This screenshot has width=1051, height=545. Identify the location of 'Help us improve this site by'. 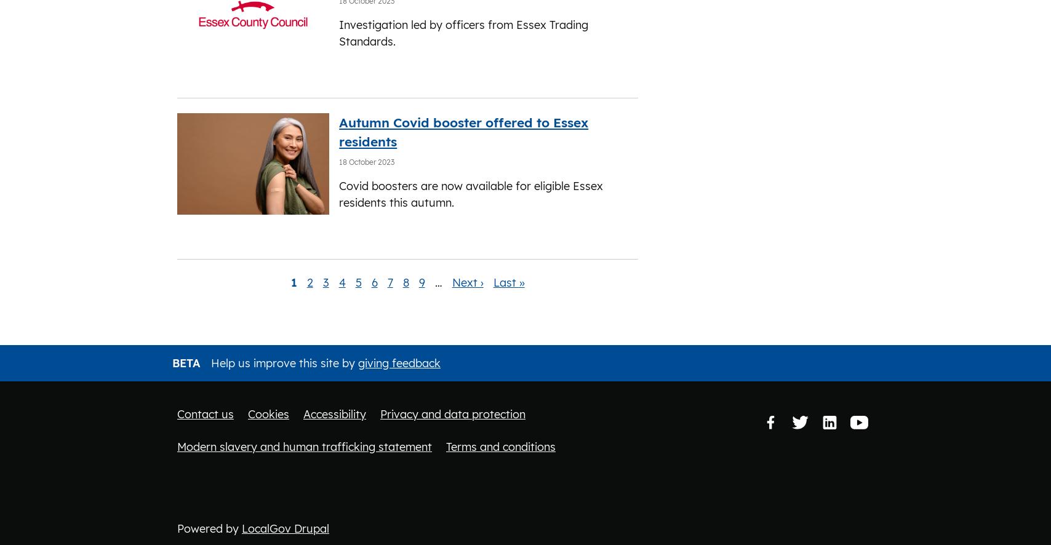
(208, 362).